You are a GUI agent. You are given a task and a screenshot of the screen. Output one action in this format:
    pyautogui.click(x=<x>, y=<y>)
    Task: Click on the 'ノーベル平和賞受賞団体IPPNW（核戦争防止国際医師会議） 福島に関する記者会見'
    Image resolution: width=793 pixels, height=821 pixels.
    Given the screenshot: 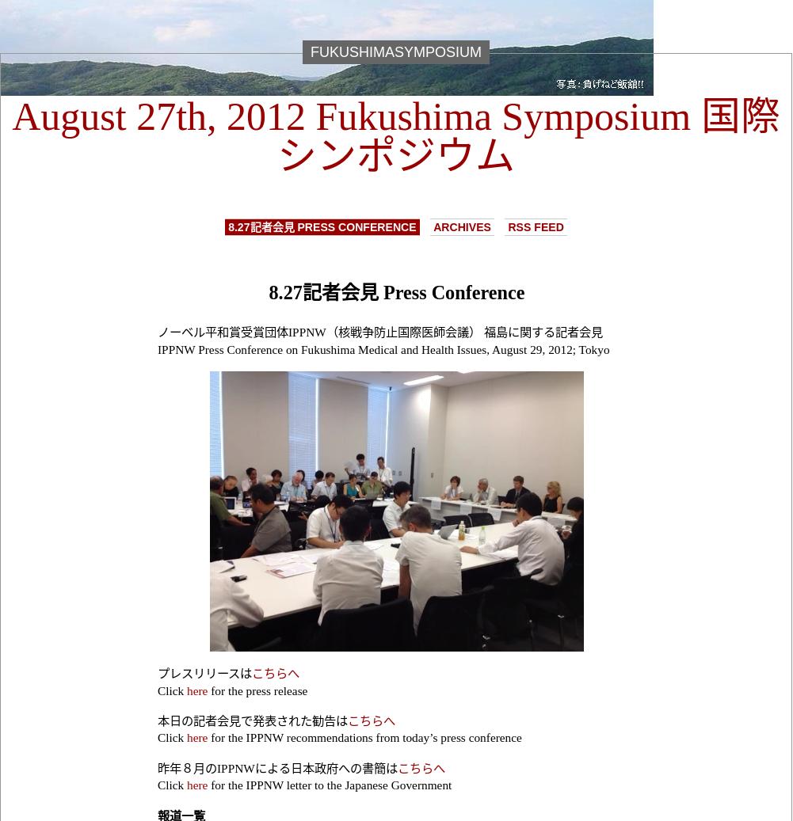 What is the action you would take?
    pyautogui.click(x=379, y=331)
    